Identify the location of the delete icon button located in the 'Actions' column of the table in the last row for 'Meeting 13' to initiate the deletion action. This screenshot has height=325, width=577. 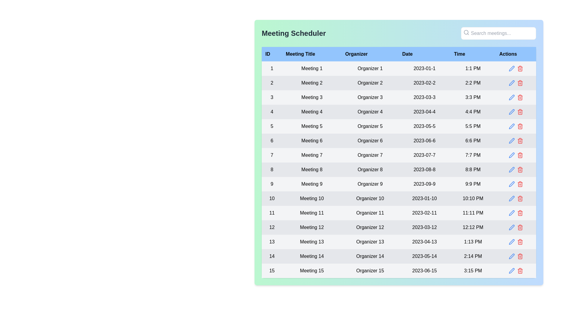
(520, 241).